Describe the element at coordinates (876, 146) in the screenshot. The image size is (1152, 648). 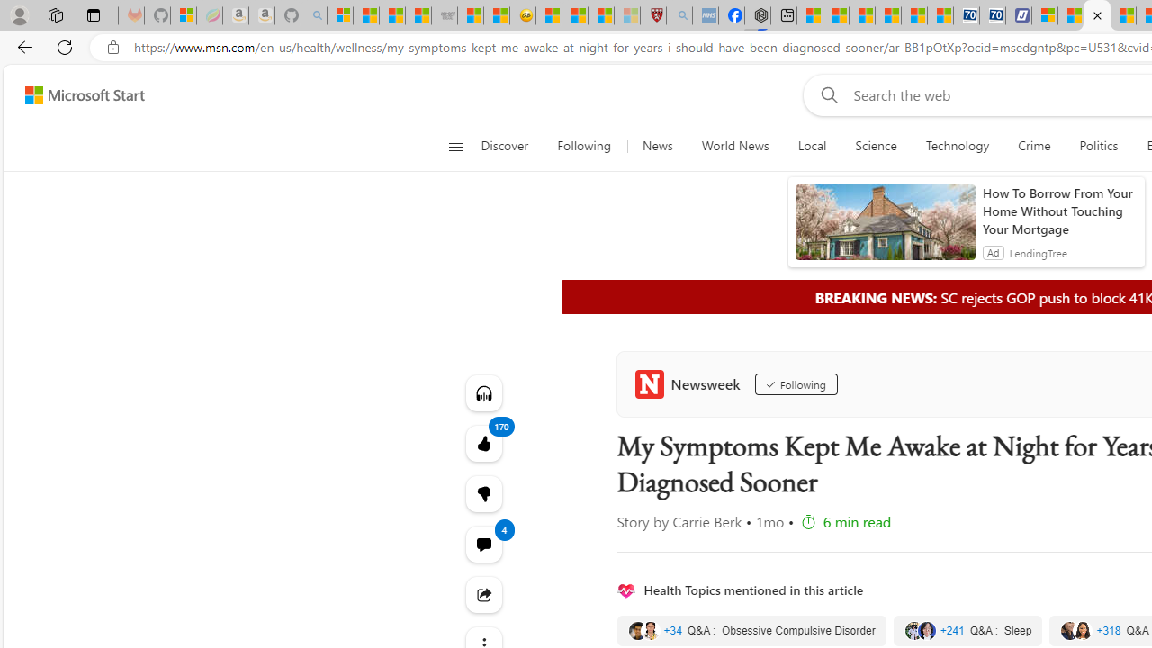
I see `'Science'` at that location.